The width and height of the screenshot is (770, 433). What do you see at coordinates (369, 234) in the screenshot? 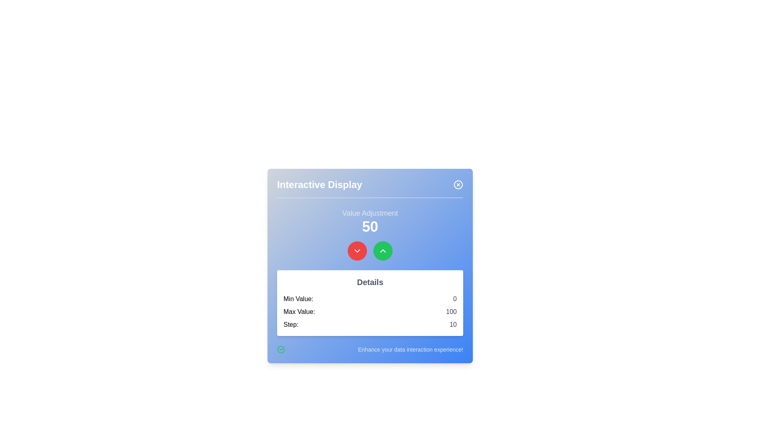
I see `the label above the numeric value displayed in the Interactive Display card, which currently shows '50'` at bounding box center [369, 234].